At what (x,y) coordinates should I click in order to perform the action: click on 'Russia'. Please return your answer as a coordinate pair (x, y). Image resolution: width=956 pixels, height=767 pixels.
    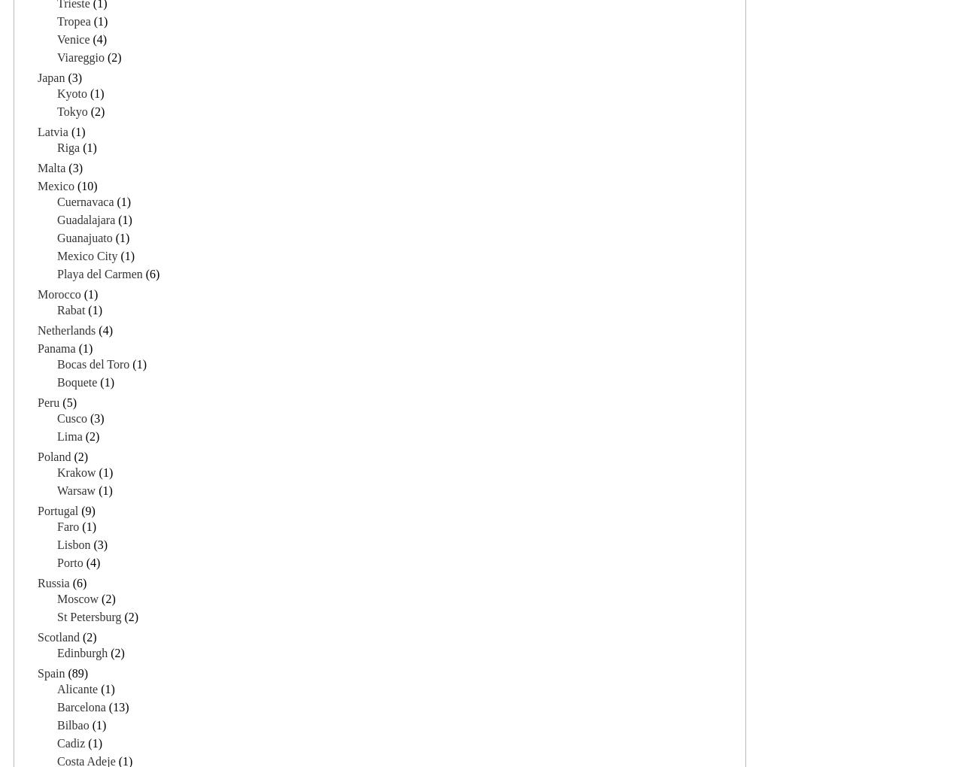
    Looking at the image, I should click on (53, 581).